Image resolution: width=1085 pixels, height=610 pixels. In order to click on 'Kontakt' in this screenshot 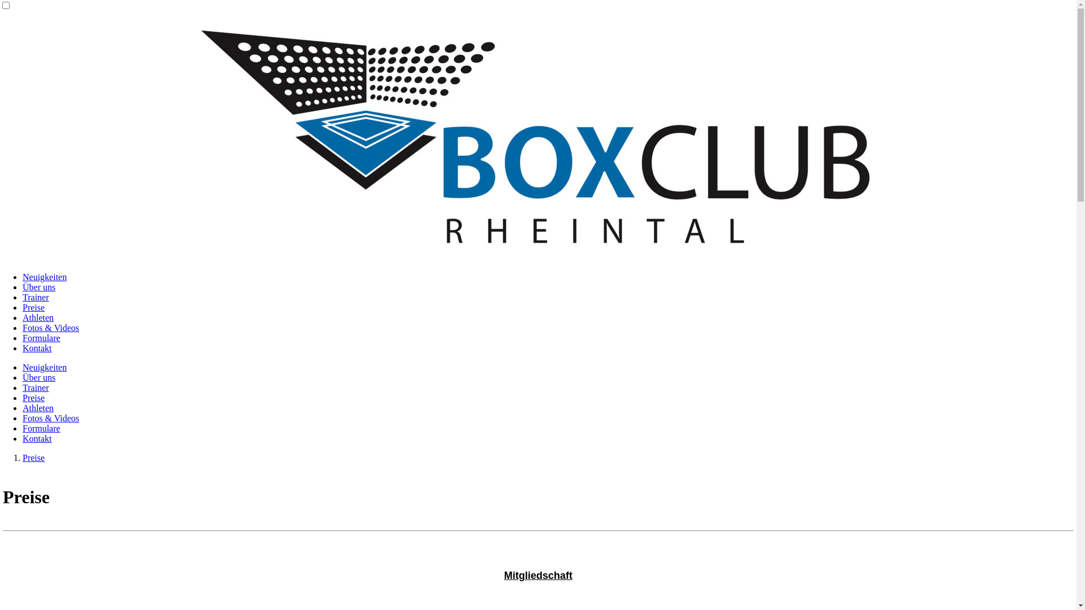, I will do `click(37, 438)`.